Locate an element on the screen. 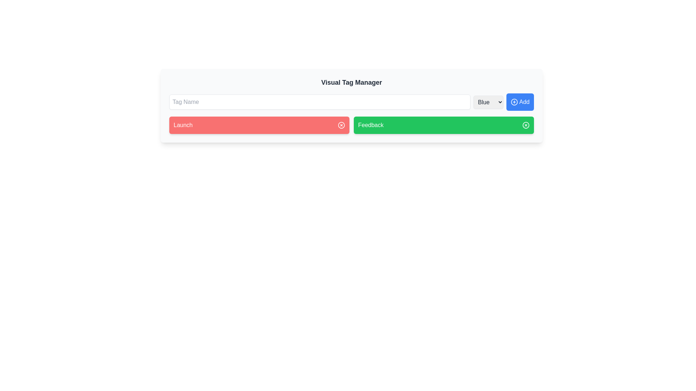 This screenshot has height=391, width=696. the circular icon component that is part of the green feedback button located on the right-hand side of the interface is located at coordinates (526, 125).